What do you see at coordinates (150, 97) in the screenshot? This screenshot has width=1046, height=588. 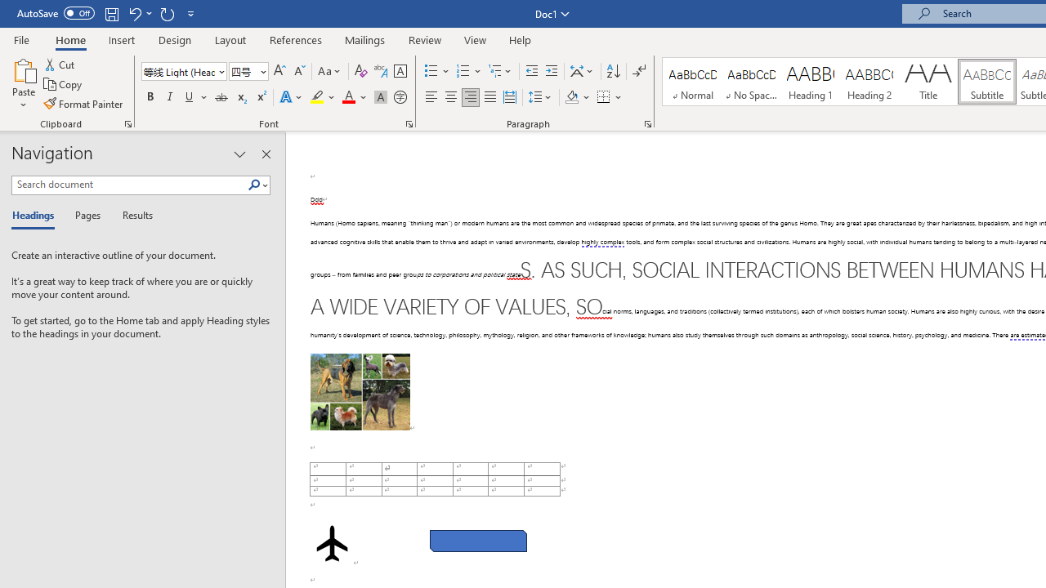 I see `'Bold'` at bounding box center [150, 97].